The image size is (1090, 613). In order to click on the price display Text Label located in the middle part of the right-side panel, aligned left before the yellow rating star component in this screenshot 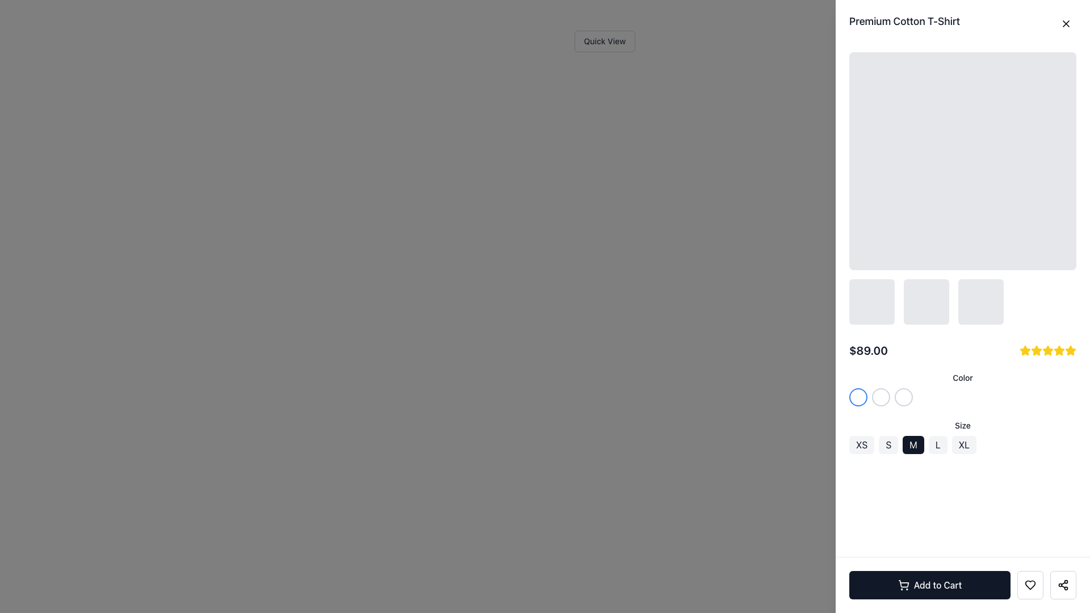, I will do `click(867, 350)`.